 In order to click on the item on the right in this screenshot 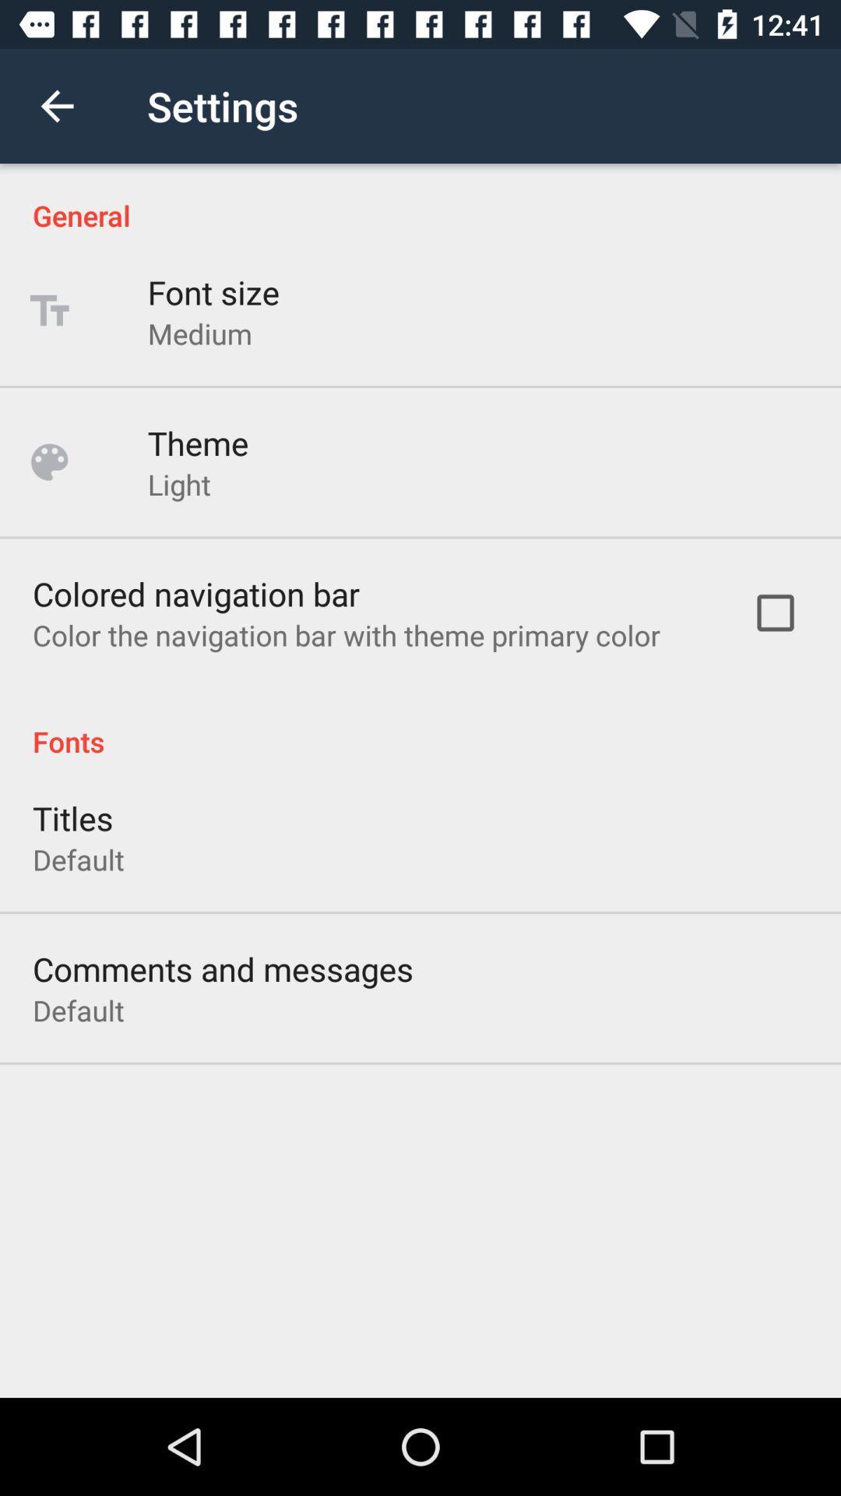, I will do `click(775, 612)`.